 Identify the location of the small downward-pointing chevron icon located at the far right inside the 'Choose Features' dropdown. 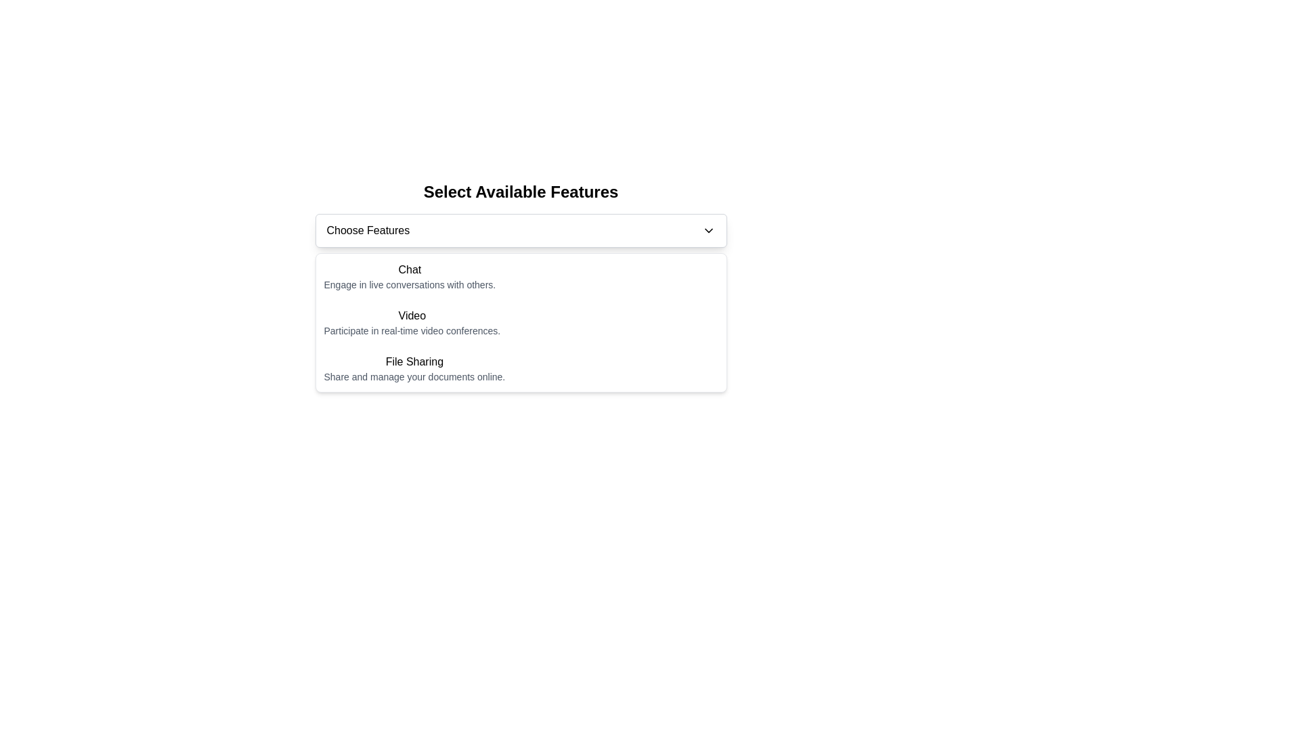
(708, 229).